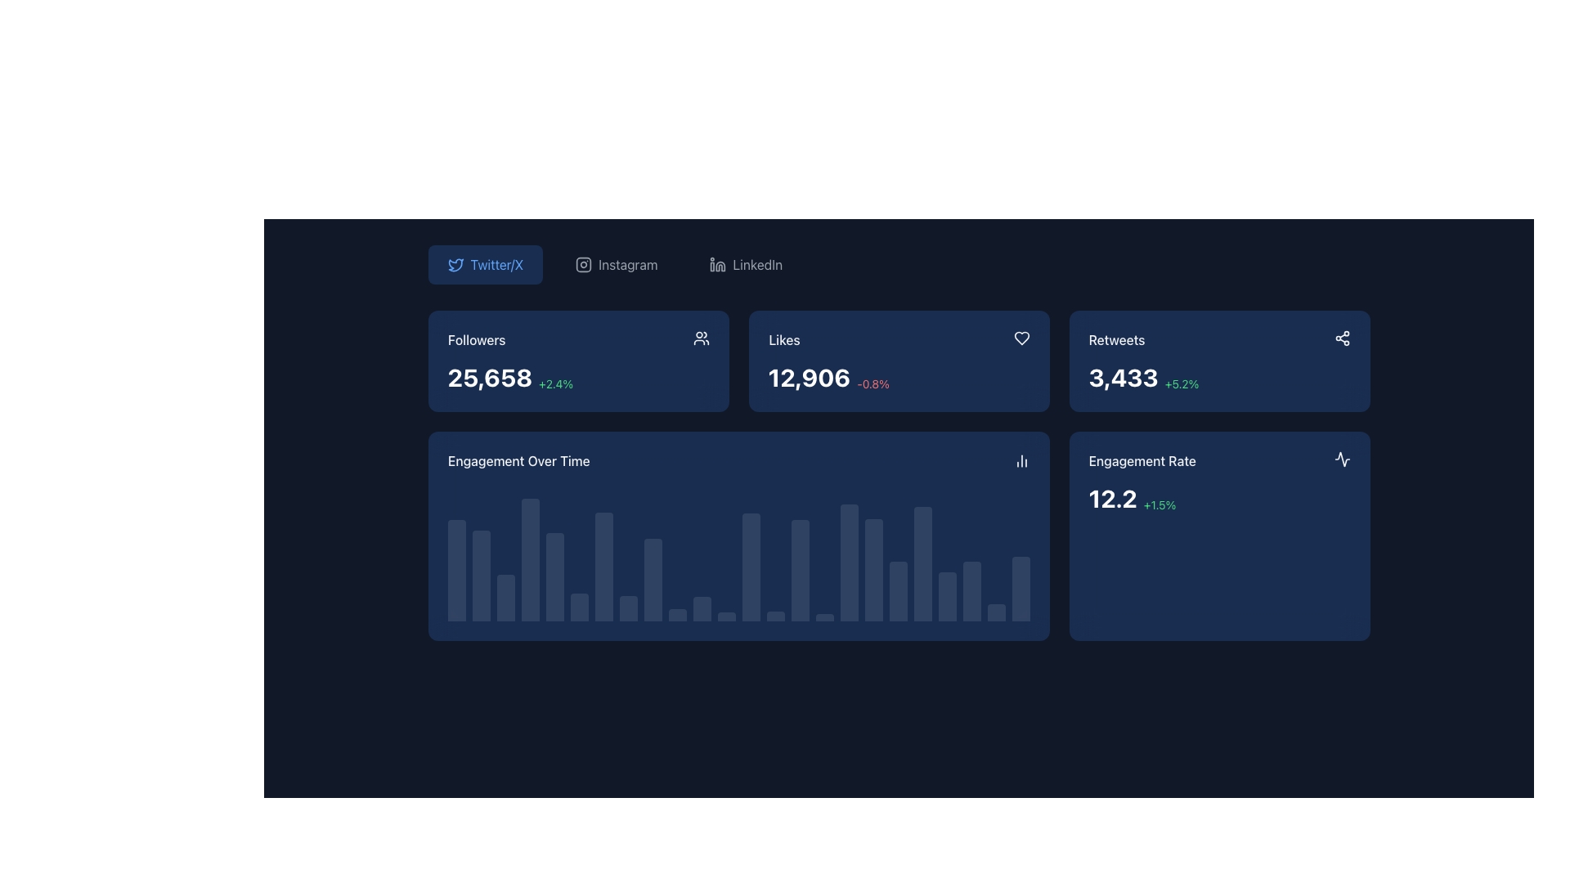 This screenshot has height=883, width=1570. What do you see at coordinates (484, 264) in the screenshot?
I see `the Twitter/X button, which is a rectangular button with rounded corners, blue background, and contains a Twitter bird icon followed by the text 'Twitter/X', located at the top left above the main content section` at bounding box center [484, 264].